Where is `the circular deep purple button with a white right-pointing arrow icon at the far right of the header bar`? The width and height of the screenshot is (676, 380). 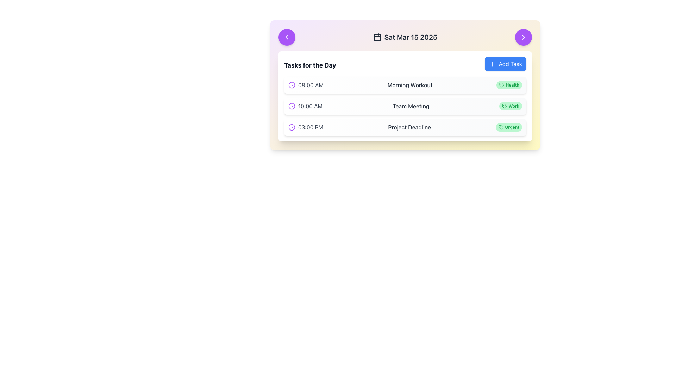 the circular deep purple button with a white right-pointing arrow icon at the far right of the header bar is located at coordinates (524, 37).